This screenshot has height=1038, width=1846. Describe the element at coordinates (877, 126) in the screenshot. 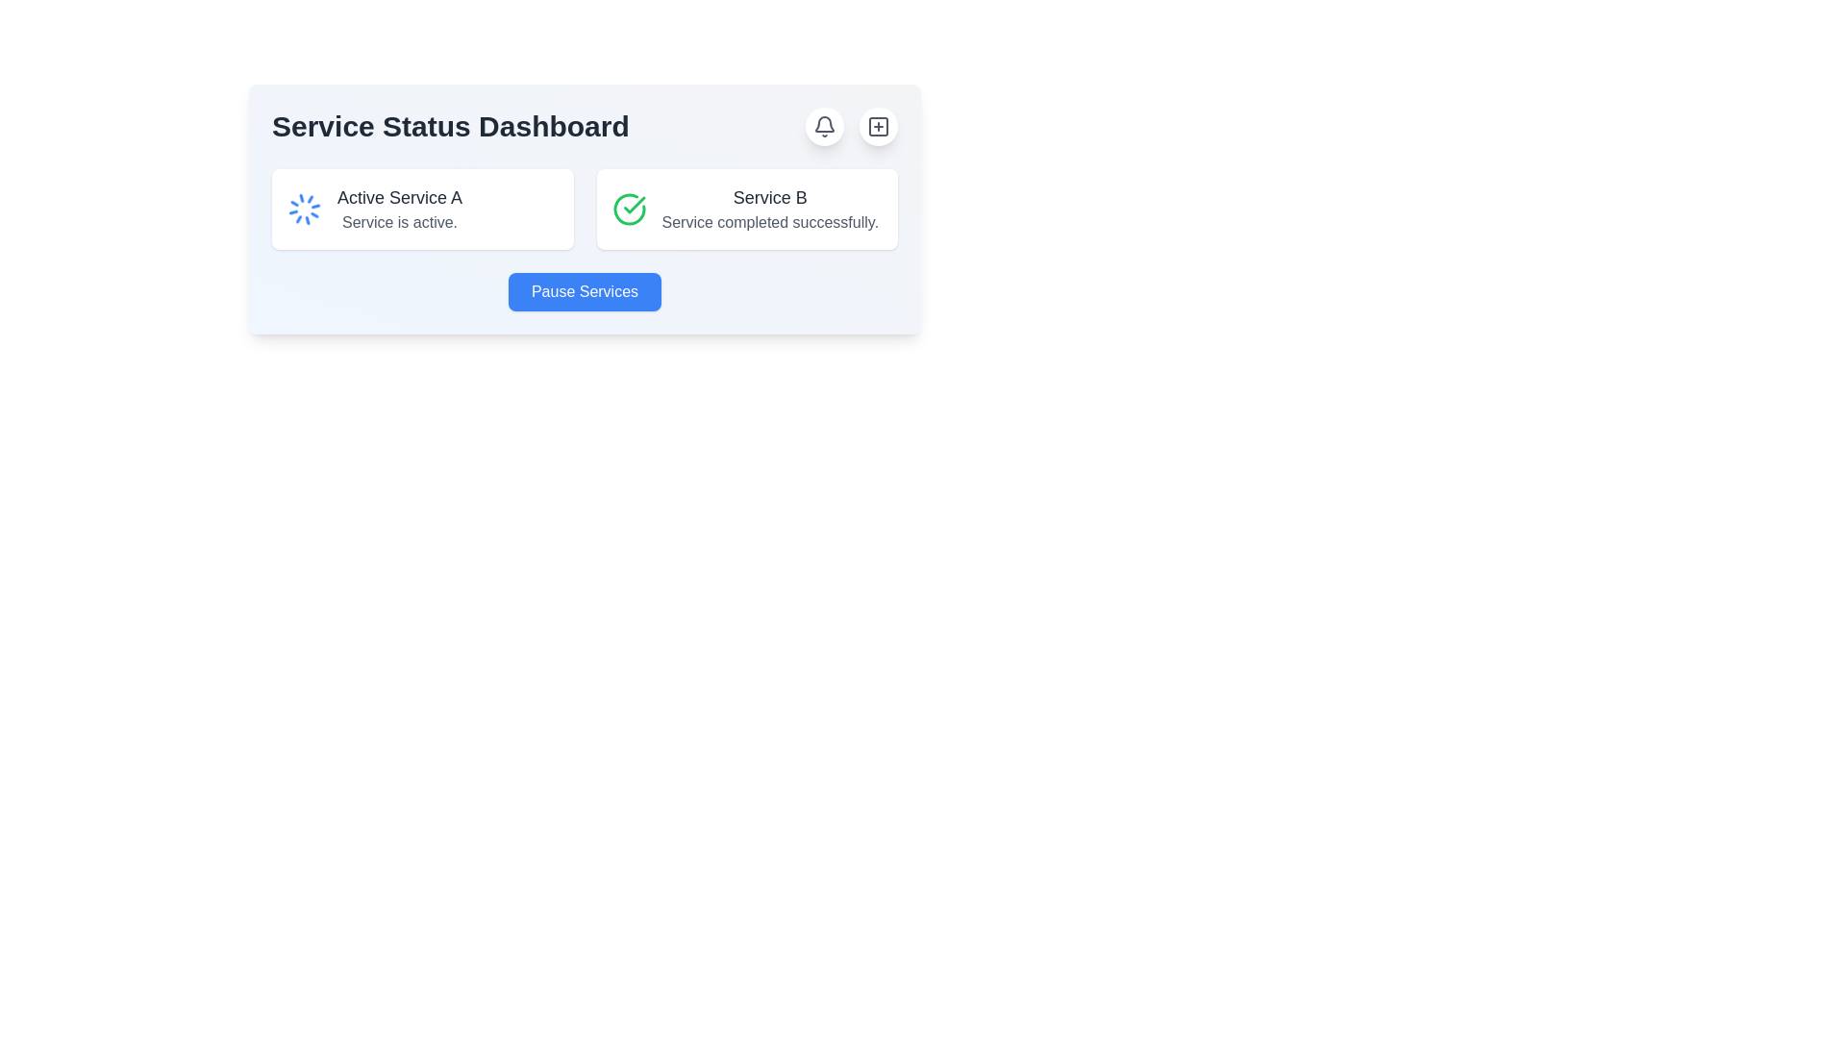

I see `the interactive button with a plus sign icon located in the top-right corner of the dashboard area` at that location.